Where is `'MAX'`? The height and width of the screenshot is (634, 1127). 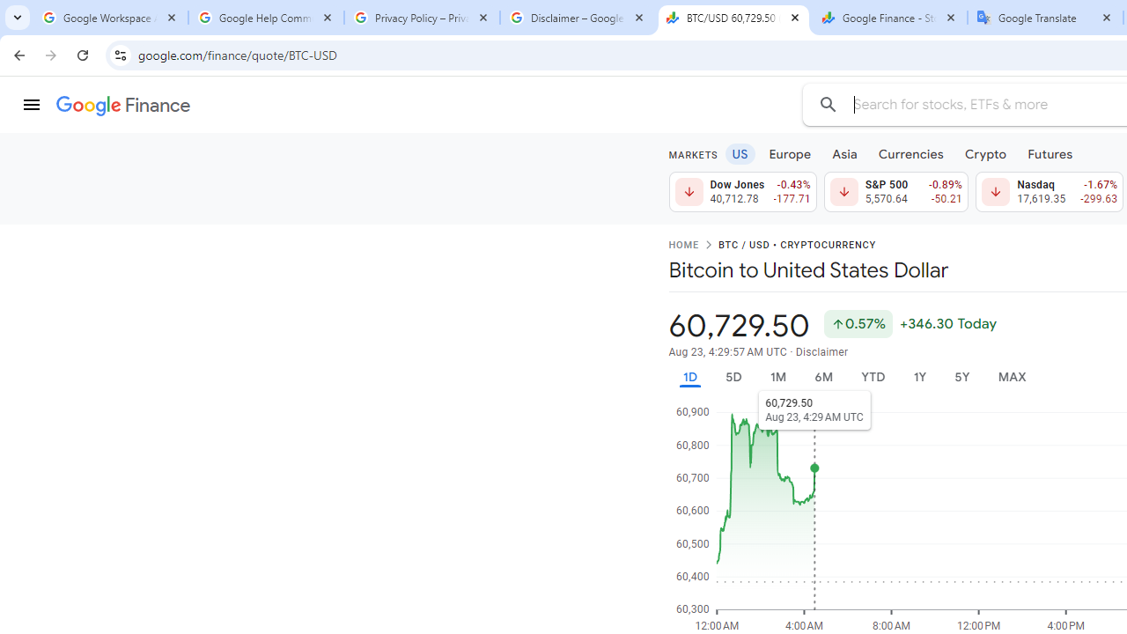 'MAX' is located at coordinates (1012, 376).